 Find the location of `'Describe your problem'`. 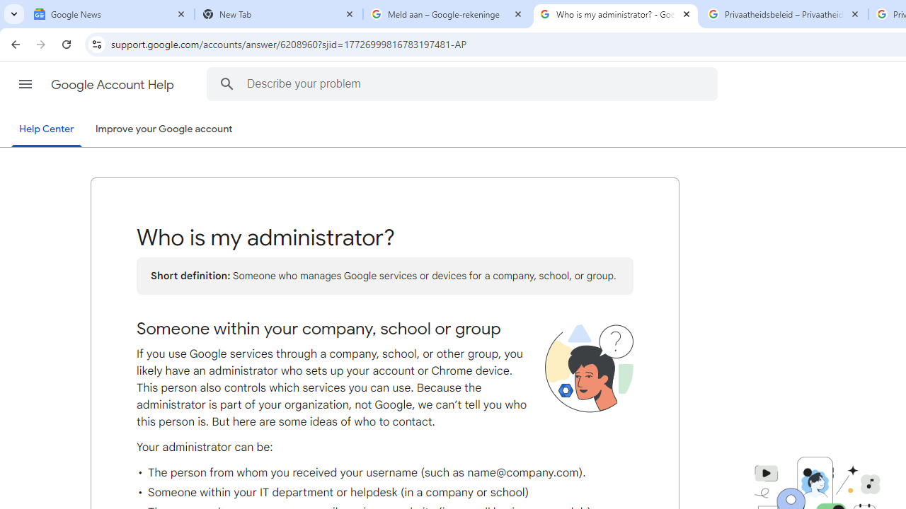

'Describe your problem' is located at coordinates (464, 83).